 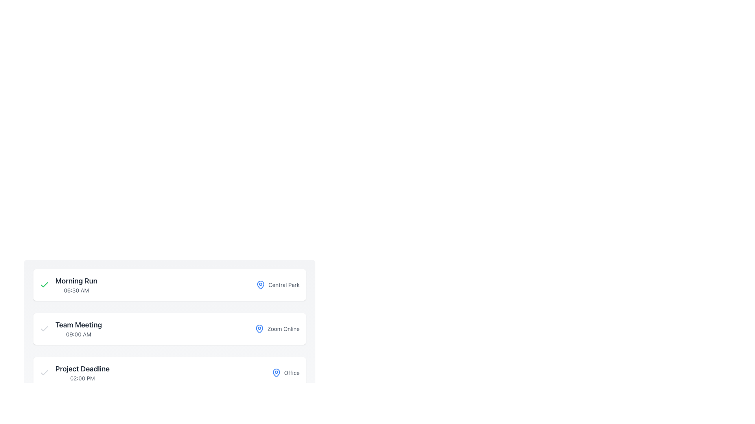 I want to click on the text label indicating the scheduled activity 'Morning Run' with a green checkmark icon located at the top of the list, so click(x=68, y=285).